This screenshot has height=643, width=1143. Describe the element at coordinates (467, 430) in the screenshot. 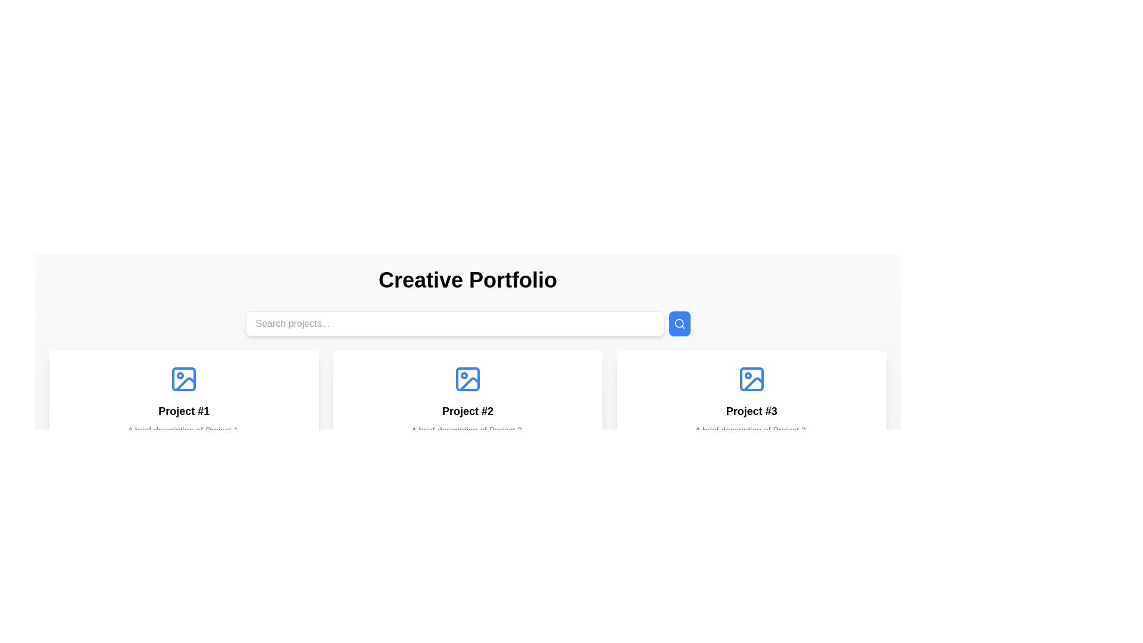

I see `the text label reading 'A brief description of Project 2.' located under the title 'Project #2' in the second project card of the Creative Portfolio section` at that location.